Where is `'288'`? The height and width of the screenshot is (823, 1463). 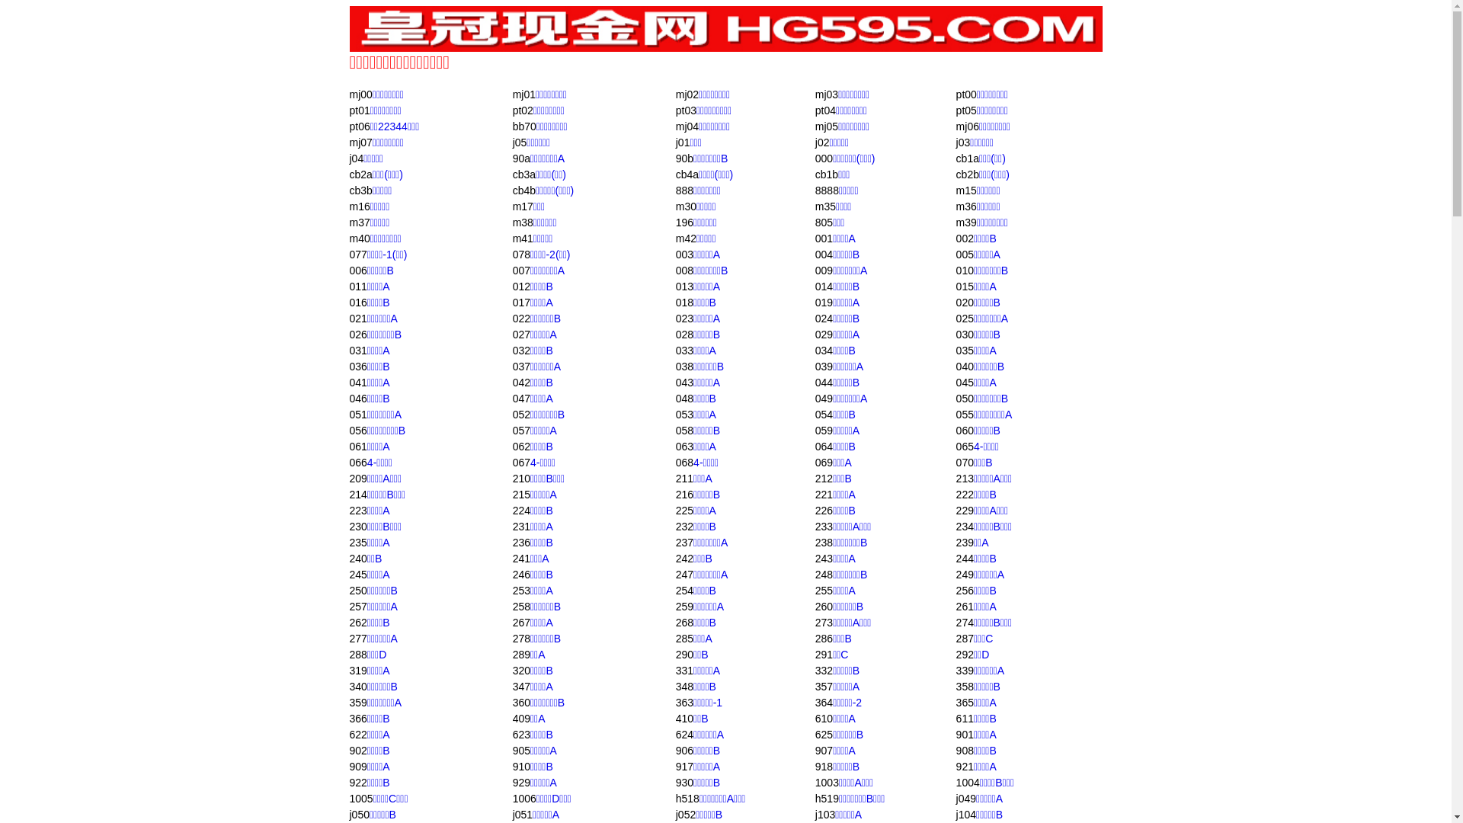
'288' is located at coordinates (357, 654).